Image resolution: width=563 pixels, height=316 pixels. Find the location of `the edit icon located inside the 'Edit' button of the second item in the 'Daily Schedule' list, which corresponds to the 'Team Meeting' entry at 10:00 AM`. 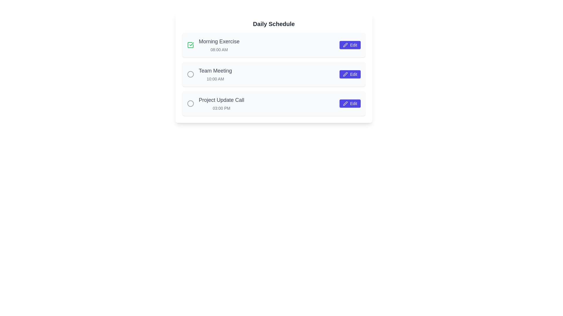

the edit icon located inside the 'Edit' button of the second item in the 'Daily Schedule' list, which corresponds to the 'Team Meeting' entry at 10:00 AM is located at coordinates (345, 74).